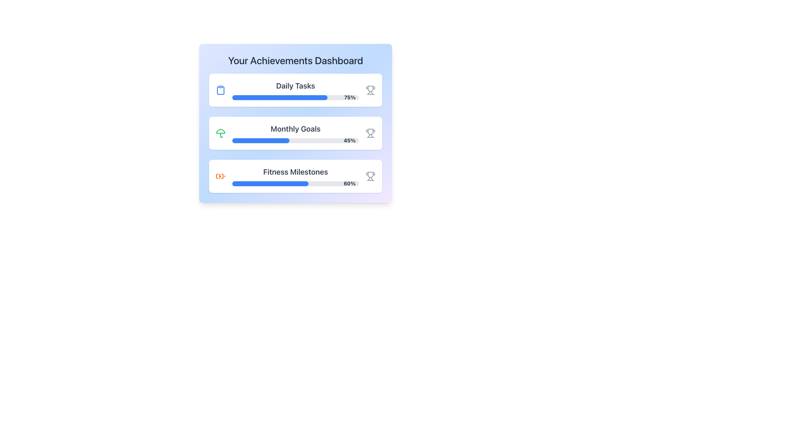 Image resolution: width=795 pixels, height=447 pixels. What do you see at coordinates (370, 132) in the screenshot?
I see `the trophy icon in the 'Monthly Goals' section, which has a gray outline and symbolizes achievement, located next to the '45%' text` at bounding box center [370, 132].